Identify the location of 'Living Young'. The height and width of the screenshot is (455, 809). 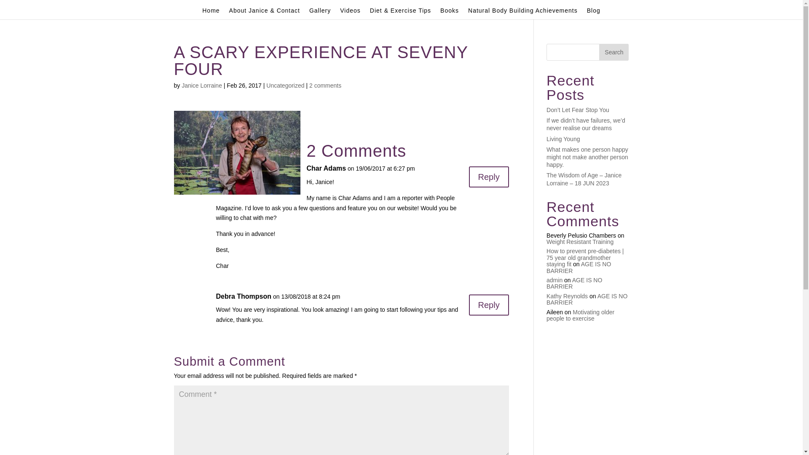
(546, 139).